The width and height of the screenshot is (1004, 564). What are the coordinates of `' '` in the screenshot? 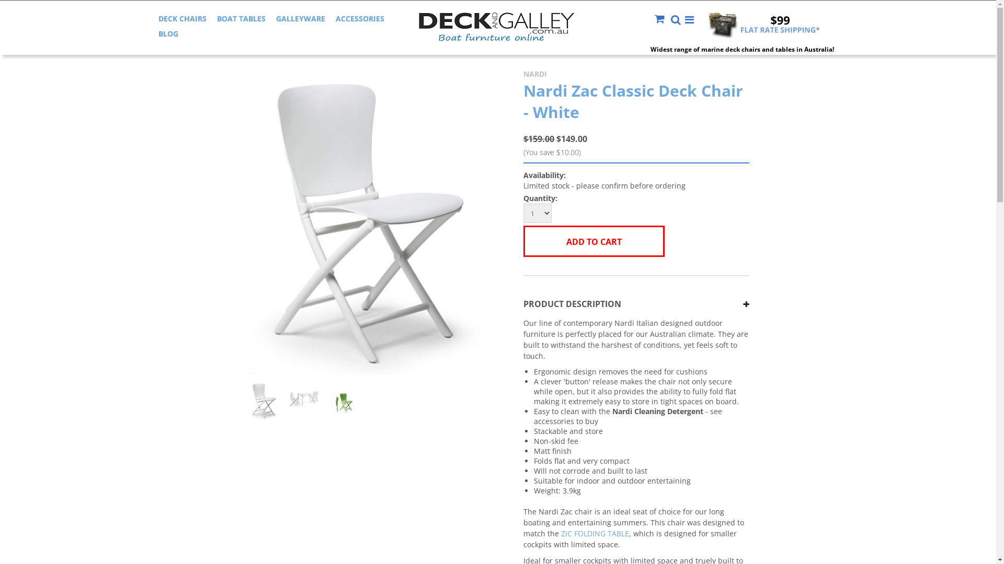 It's located at (661, 20).